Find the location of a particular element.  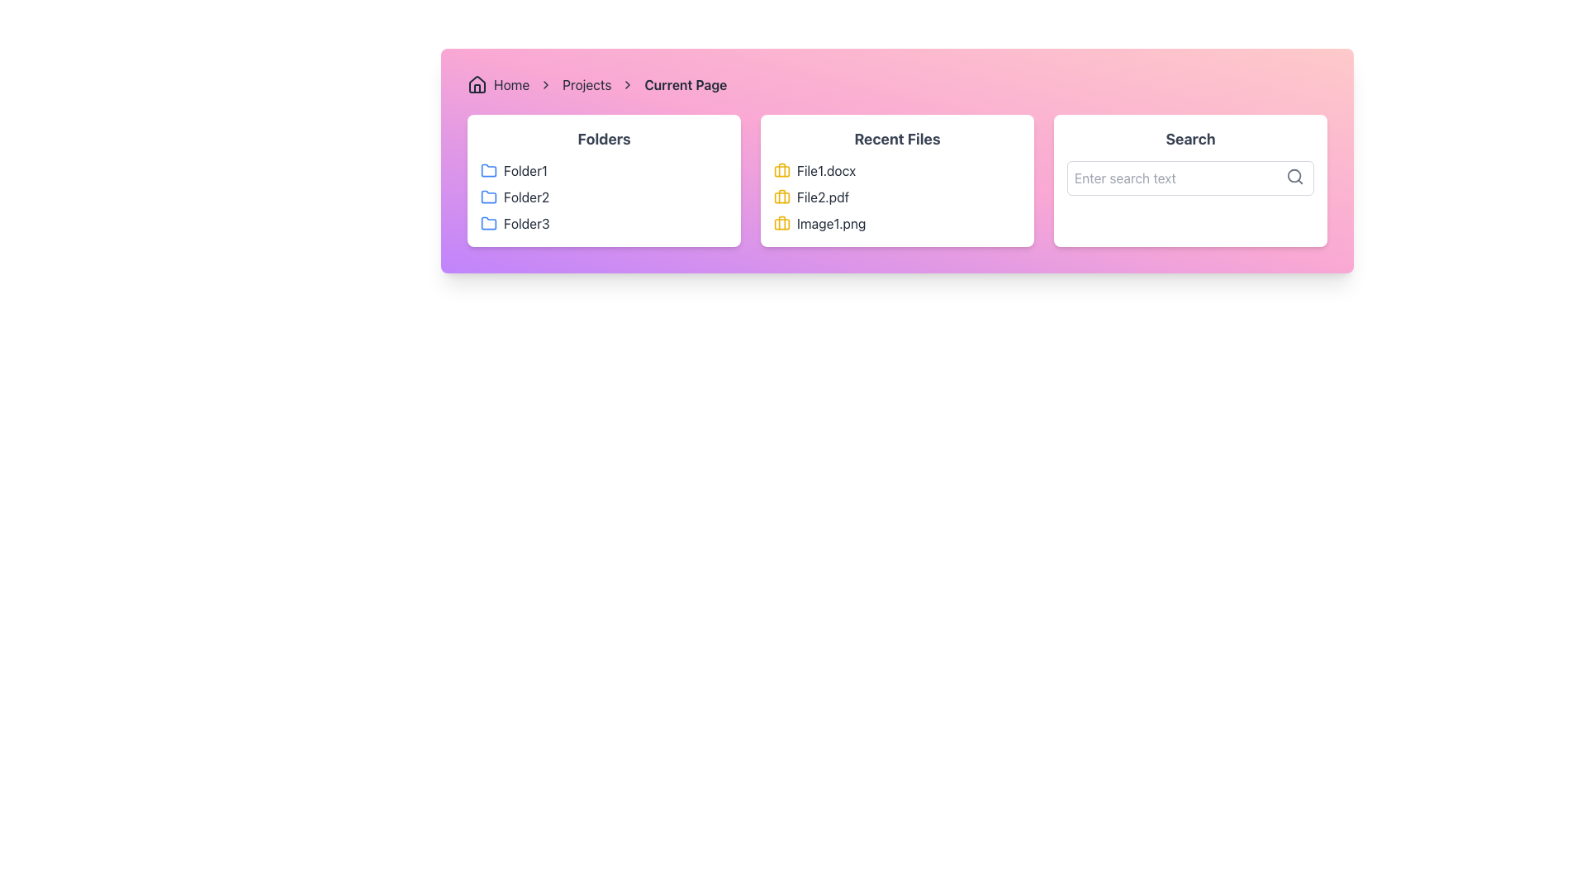

the 'File1.docx' item, which is the first item is located at coordinates (896, 171).